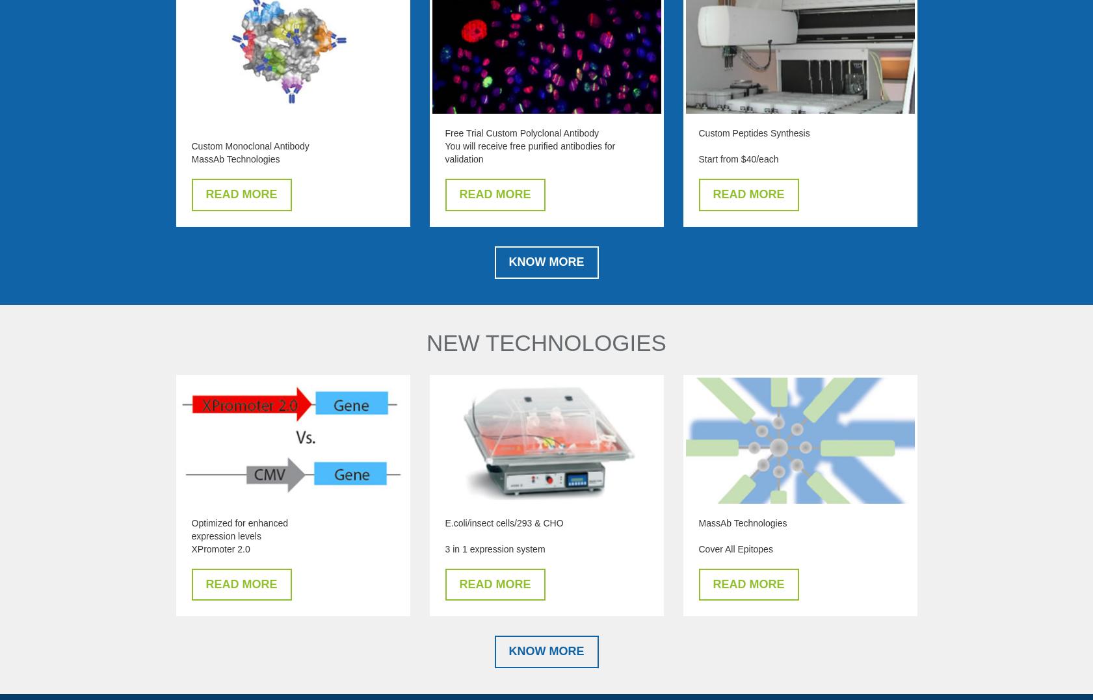 The image size is (1093, 700). Describe the element at coordinates (191, 548) in the screenshot. I see `'XPromoter 2.0'` at that location.